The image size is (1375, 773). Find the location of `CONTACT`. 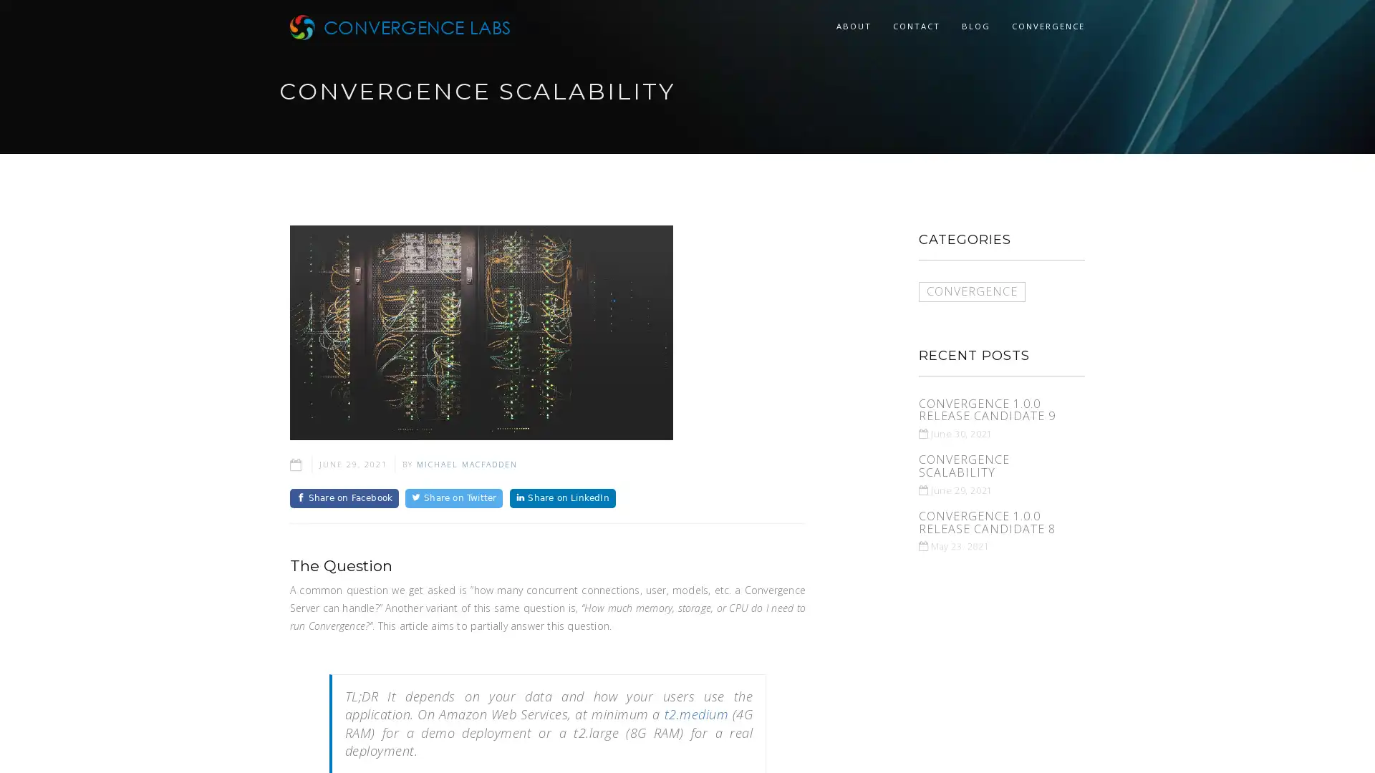

CONTACT is located at coordinates (917, 26).